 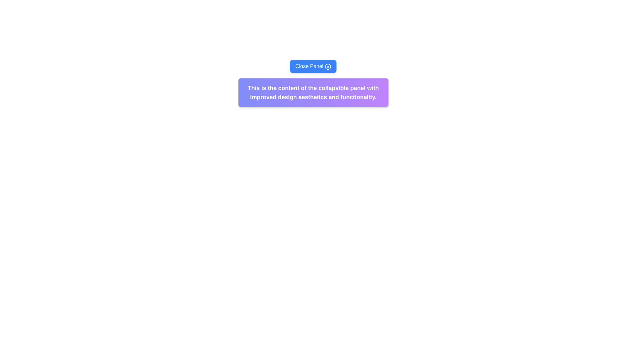 I want to click on the center of the circular icon with an 'X' mark inside, which is located to the right of the 'Close Panel' text within the blue rectangular button, so click(x=328, y=66).